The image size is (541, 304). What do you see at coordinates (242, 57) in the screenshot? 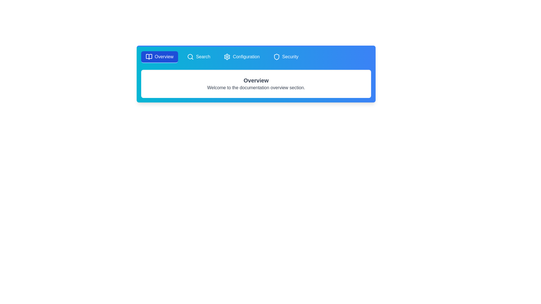
I see `the 'Configuration' button in the horizontal navigation menu` at bounding box center [242, 57].